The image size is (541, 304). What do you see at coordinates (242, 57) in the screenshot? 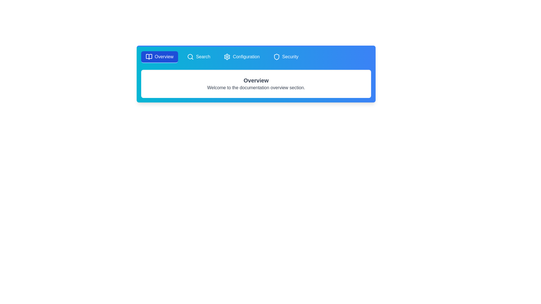
I see `the 'Configuration' button in the horizontal navigation menu` at bounding box center [242, 57].